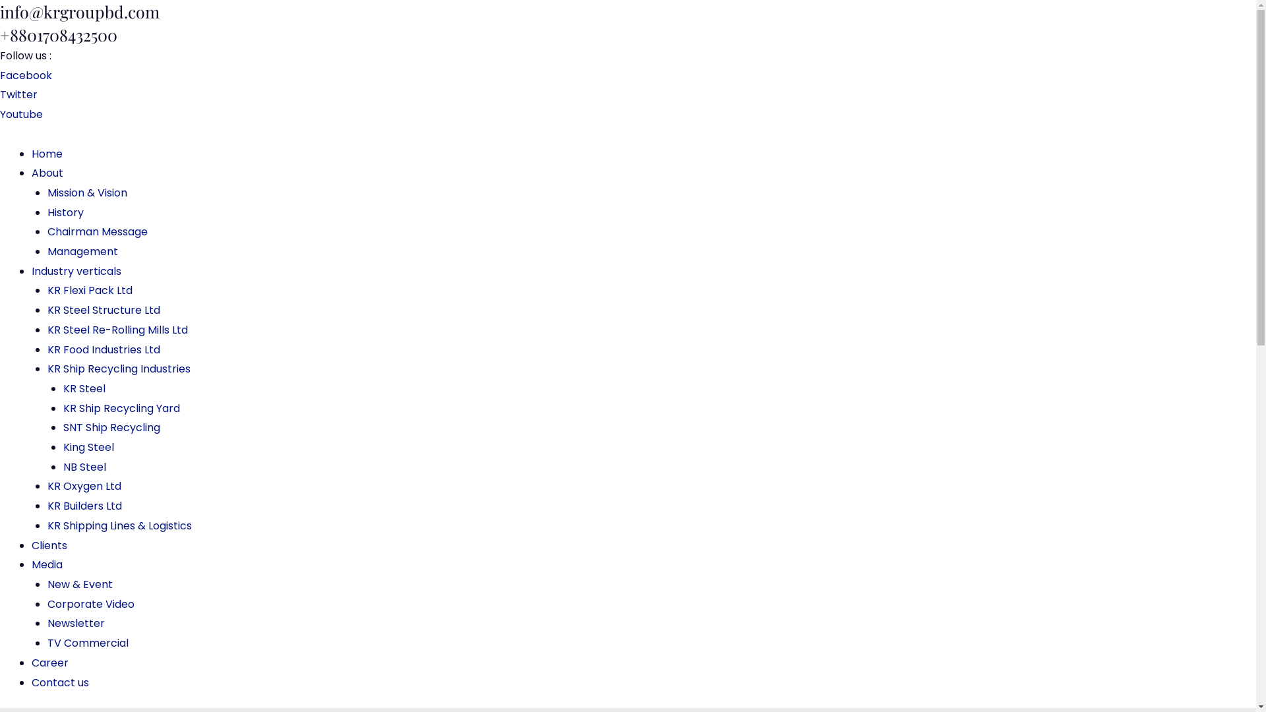 Image resolution: width=1266 pixels, height=712 pixels. I want to click on 'Contact us', so click(32, 682).